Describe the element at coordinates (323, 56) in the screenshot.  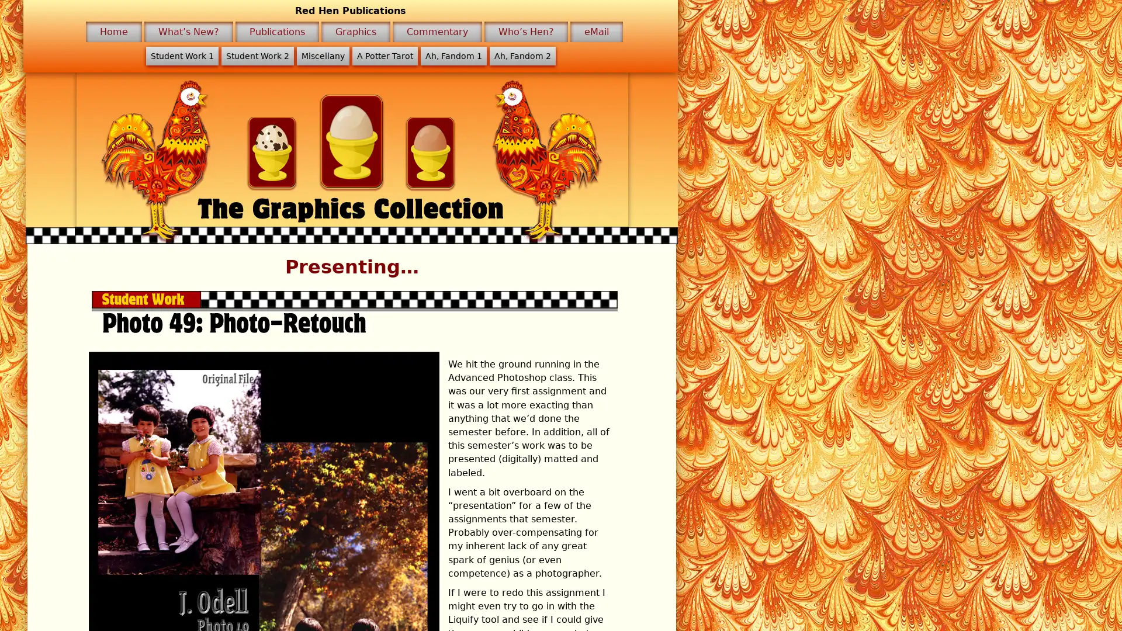
I see `Miscellany` at that location.